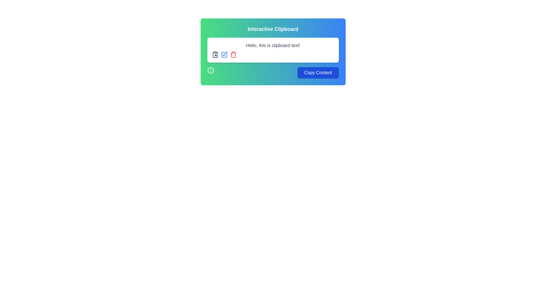 This screenshot has height=306, width=544. Describe the element at coordinates (318, 73) in the screenshot. I see `the 'Copy Content' button, which has a blue background and white text` at that location.